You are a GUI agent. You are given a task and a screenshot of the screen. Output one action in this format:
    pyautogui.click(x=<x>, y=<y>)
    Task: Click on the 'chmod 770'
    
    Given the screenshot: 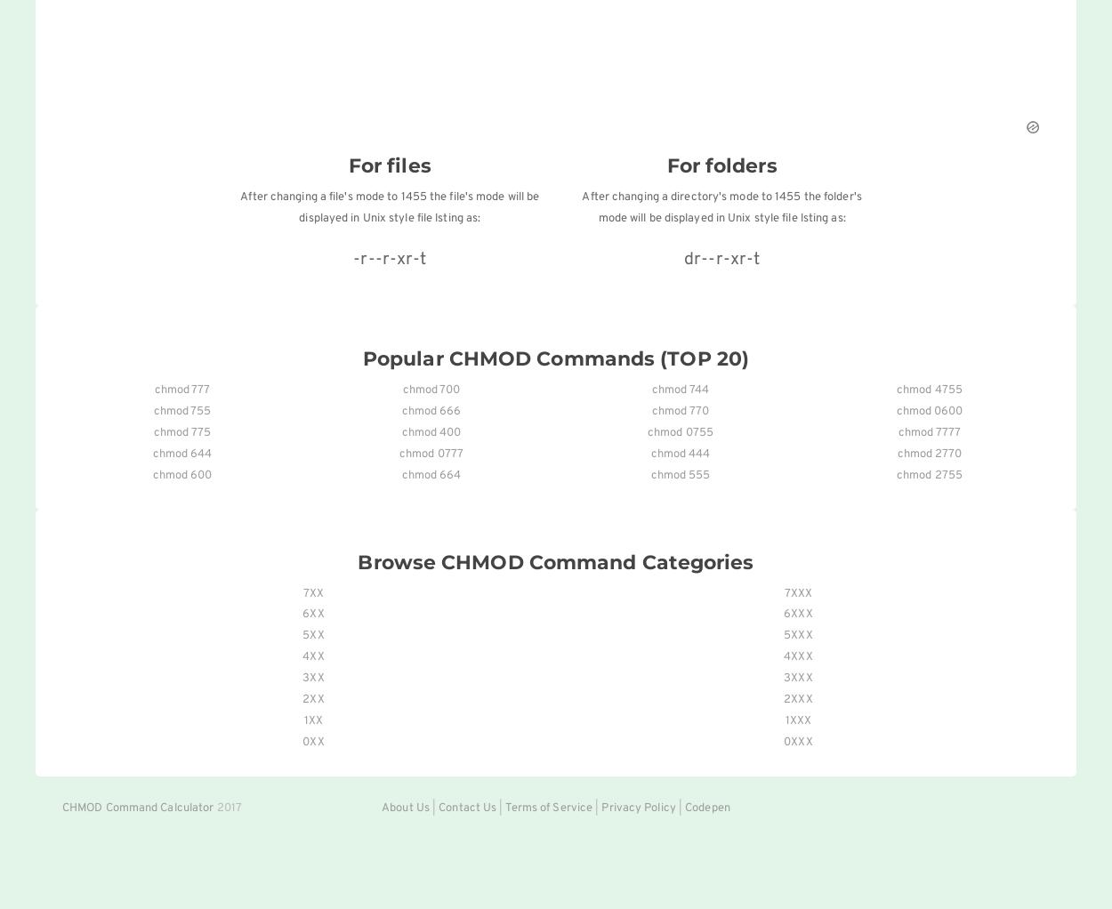 What is the action you would take?
    pyautogui.click(x=680, y=410)
    